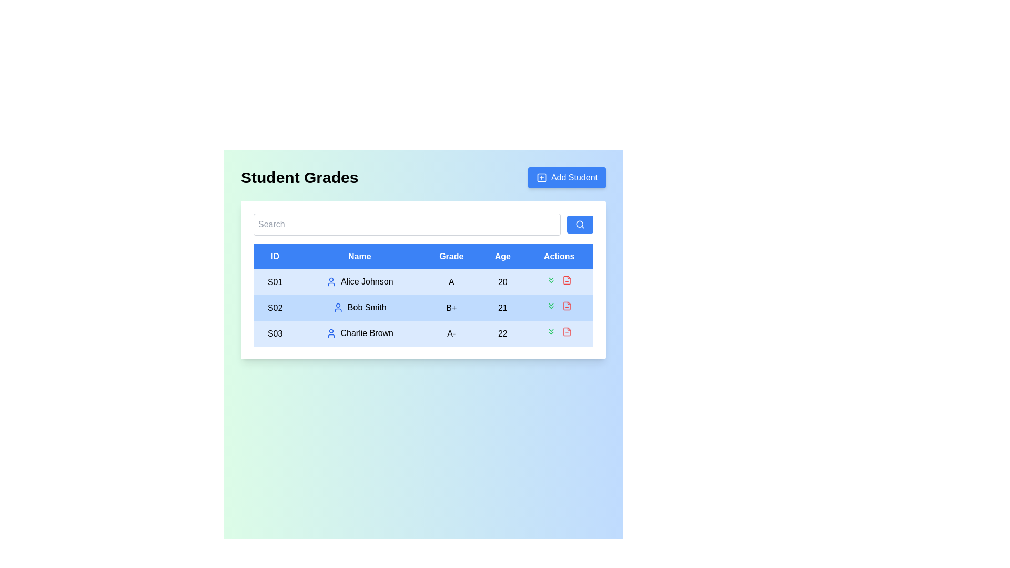  What do you see at coordinates (359, 333) in the screenshot?
I see `the text label displaying 'Charlie Brown', which is located in the third row of the table, adjacent to the 'S03' ID on the left and 'A-' grade on the right` at bounding box center [359, 333].